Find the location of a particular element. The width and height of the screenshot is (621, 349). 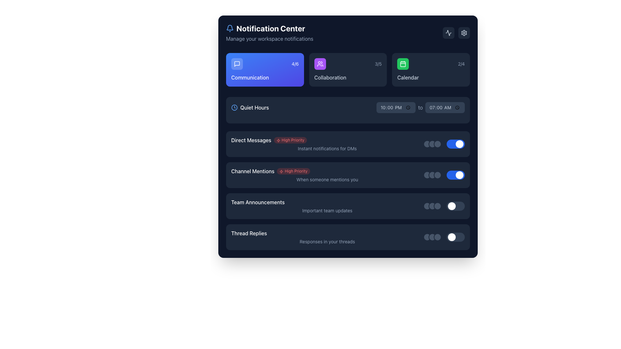

the communication icon located inside the blue rectangular button labeled 'Communication', positioned at the top-left corner of the button is located at coordinates (237, 64).